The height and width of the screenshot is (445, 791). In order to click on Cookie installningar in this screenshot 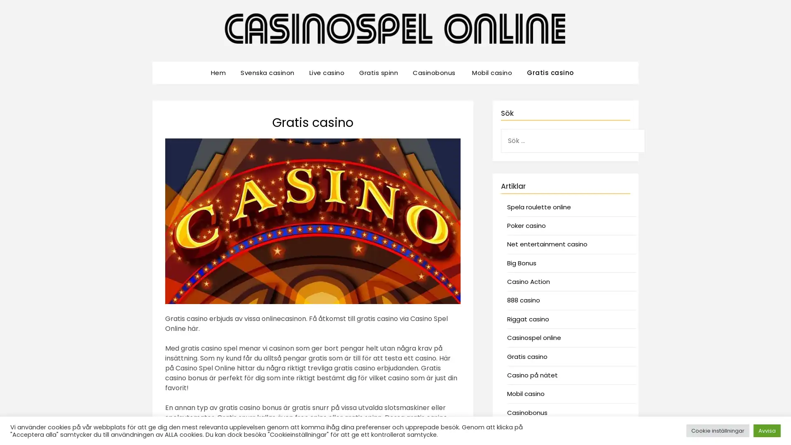, I will do `click(717, 430)`.